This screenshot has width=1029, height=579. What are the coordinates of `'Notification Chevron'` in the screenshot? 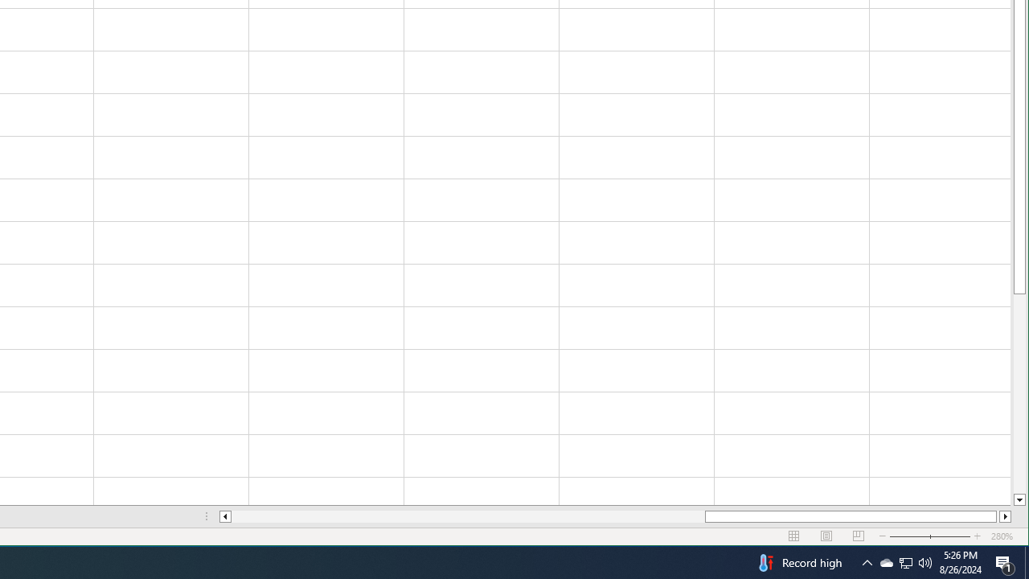 It's located at (867, 561).